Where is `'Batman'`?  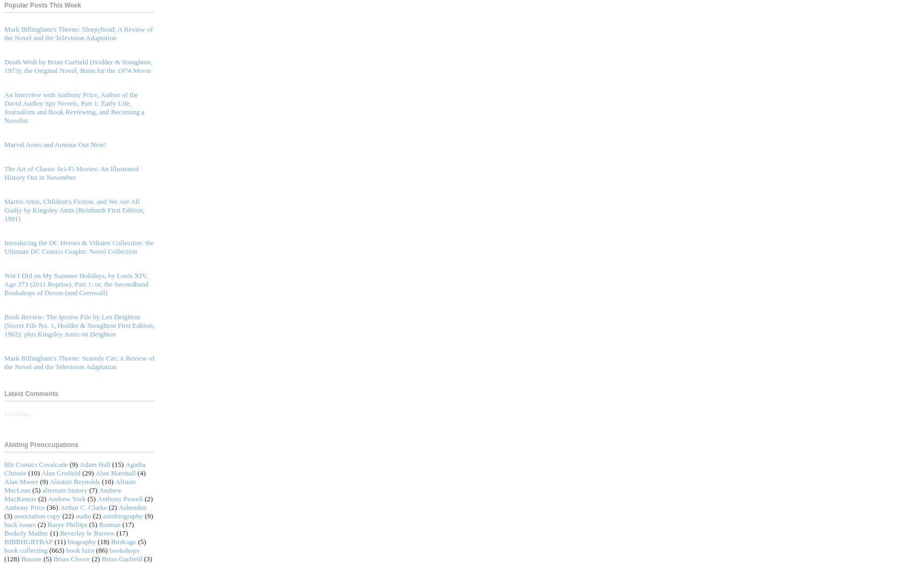 'Batman' is located at coordinates (108, 524).